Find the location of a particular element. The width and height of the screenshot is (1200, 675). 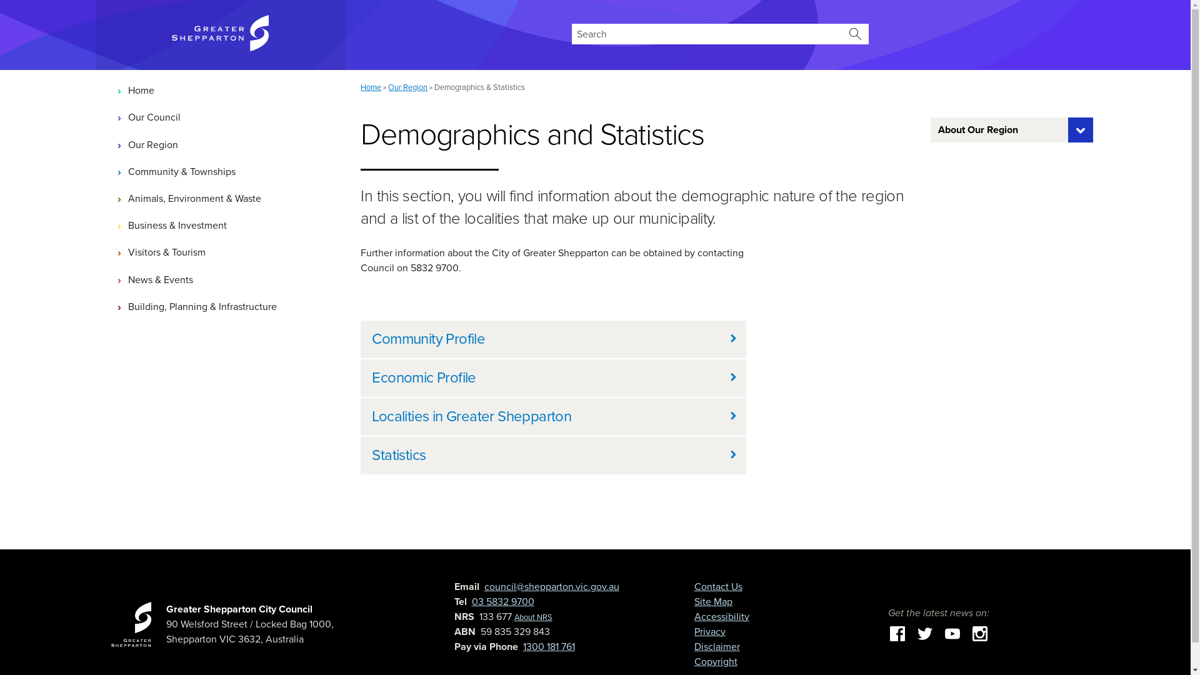

'Instagram' is located at coordinates (979, 633).